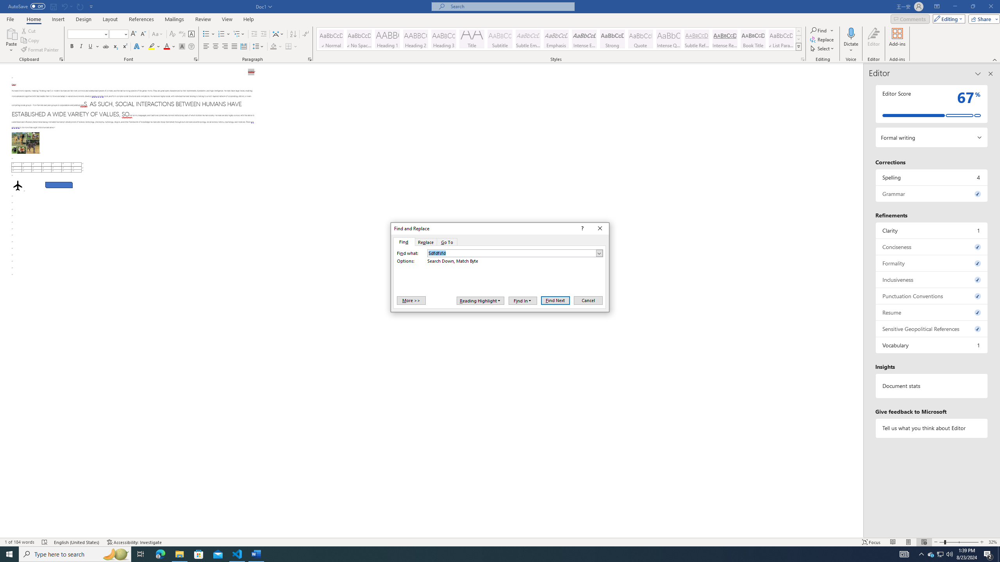  What do you see at coordinates (471, 39) in the screenshot?
I see `'Title'` at bounding box center [471, 39].